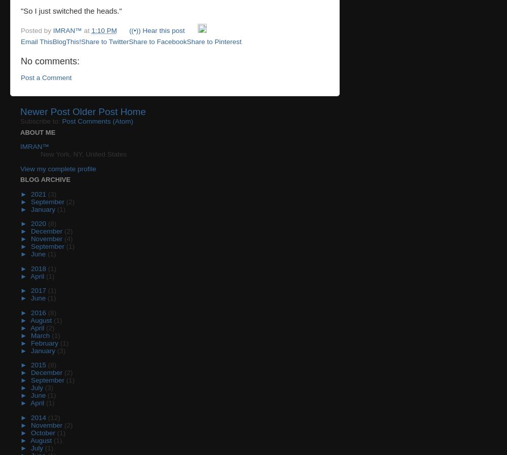  What do you see at coordinates (39, 365) in the screenshot?
I see `'2015'` at bounding box center [39, 365].